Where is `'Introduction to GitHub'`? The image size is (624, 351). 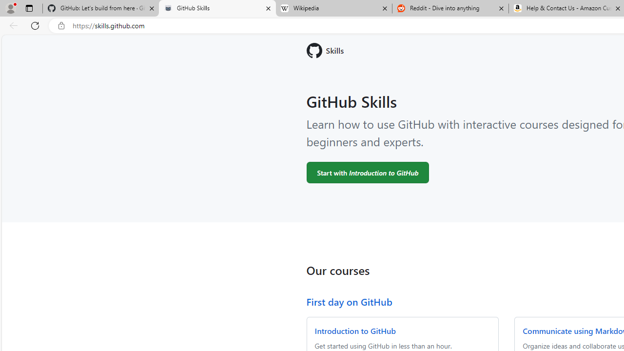 'Introduction to GitHub' is located at coordinates (354, 330).